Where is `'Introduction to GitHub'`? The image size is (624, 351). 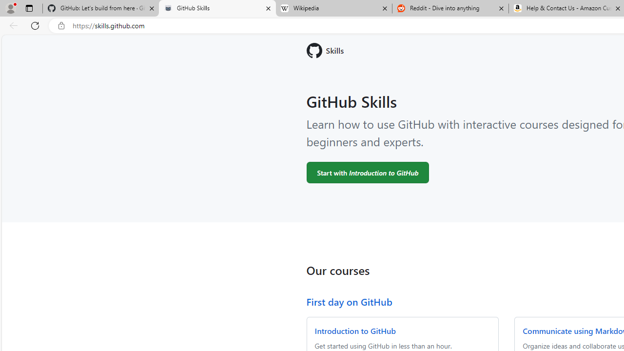 'Introduction to GitHub' is located at coordinates (354, 330).